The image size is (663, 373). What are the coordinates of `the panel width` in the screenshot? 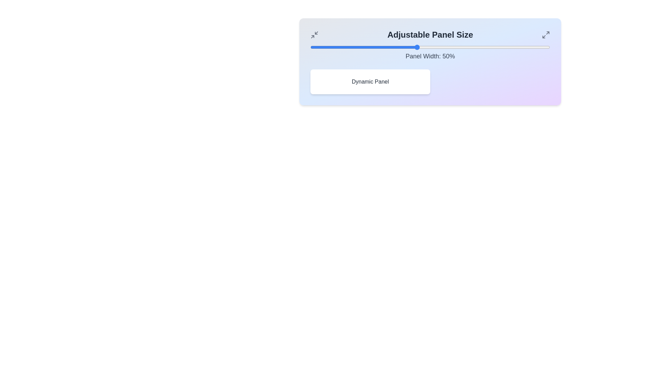 It's located at (531, 47).